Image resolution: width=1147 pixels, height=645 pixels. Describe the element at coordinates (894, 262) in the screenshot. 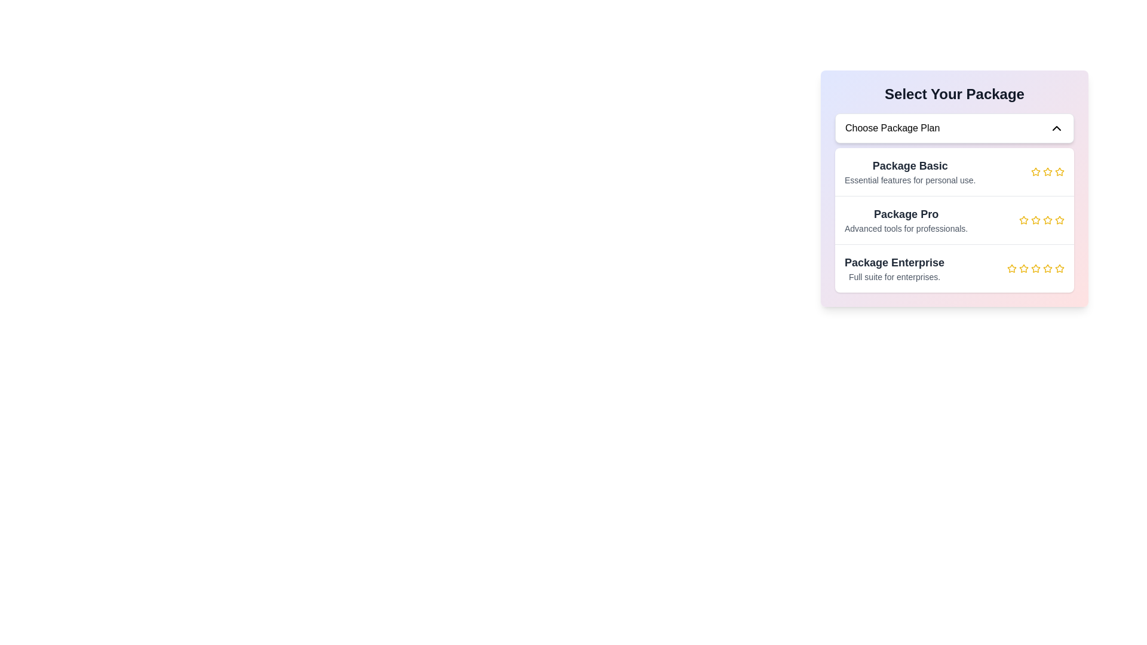

I see `the text label that serves as the title for the third package option in the list, located between 'Package Pro.' and 'Full suite for enterprises.' under the 'Select Your Package' header` at that location.